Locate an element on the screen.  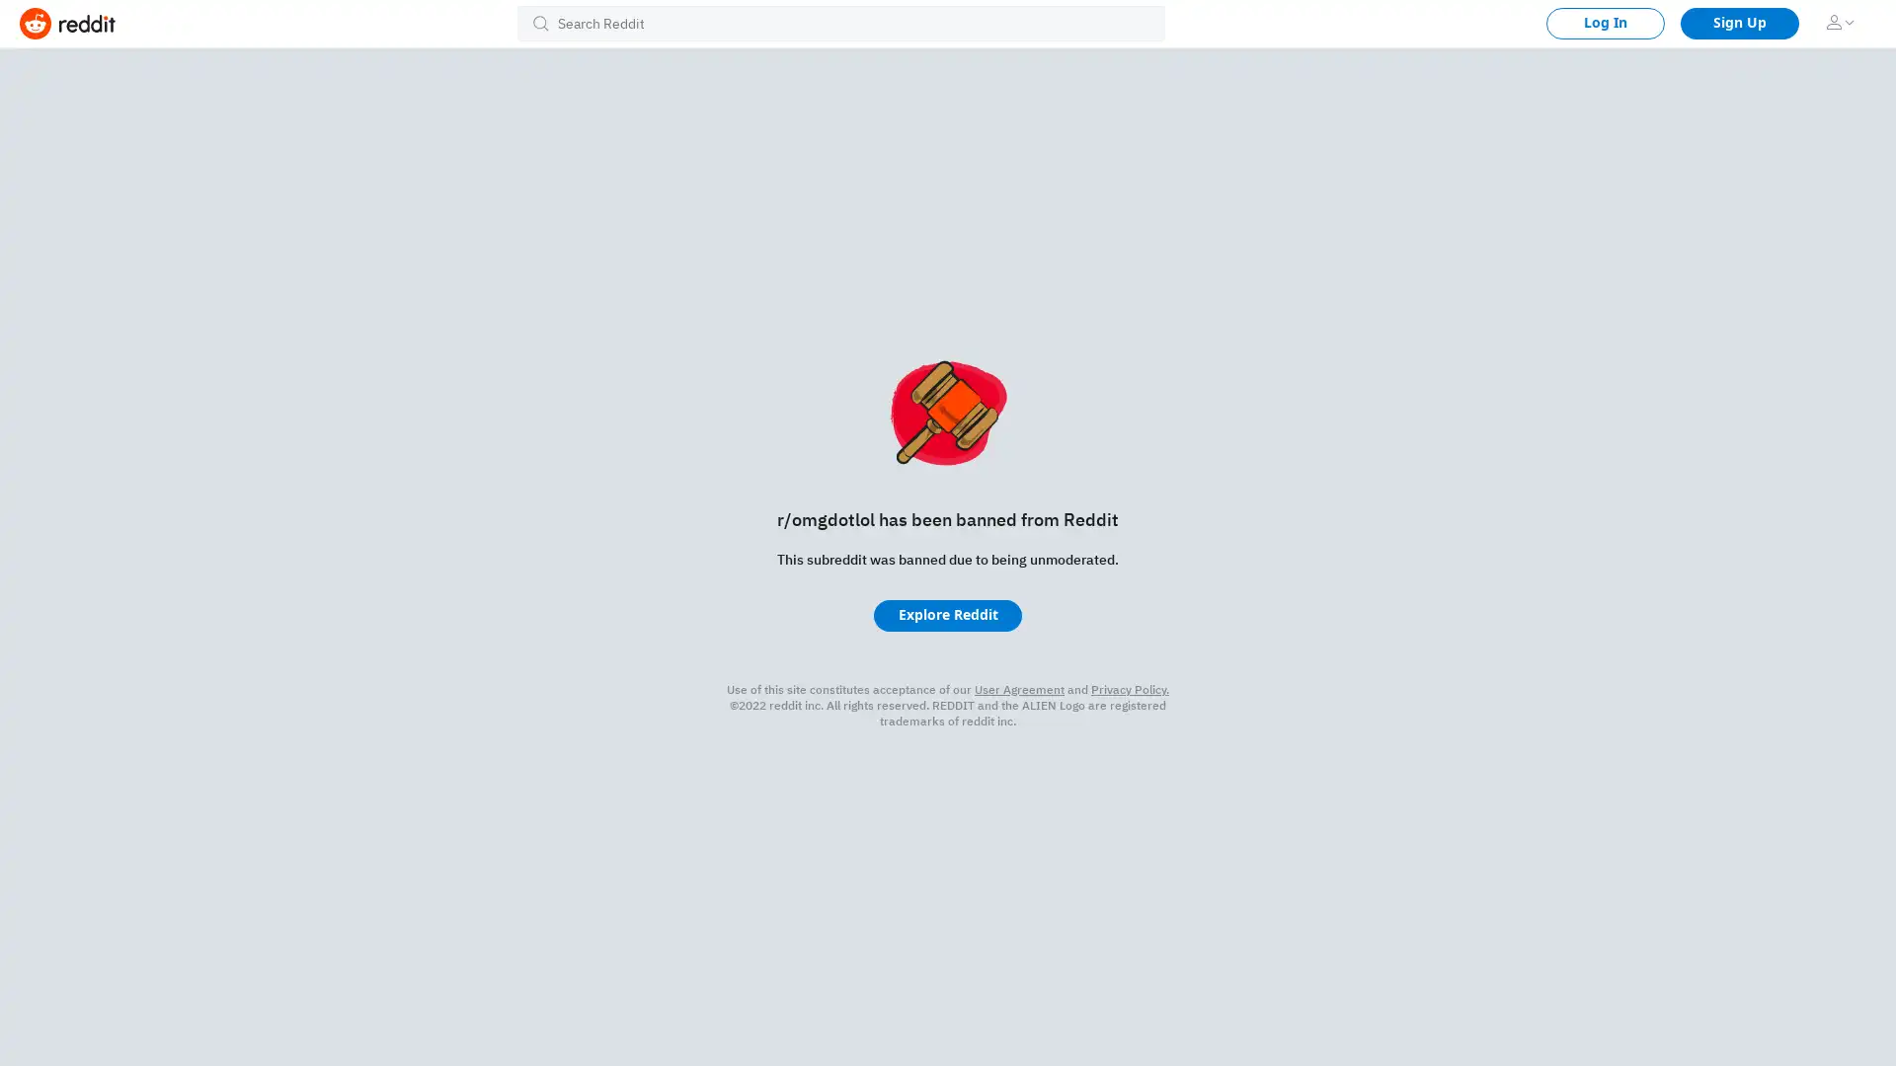
Log In is located at coordinates (1606, 23).